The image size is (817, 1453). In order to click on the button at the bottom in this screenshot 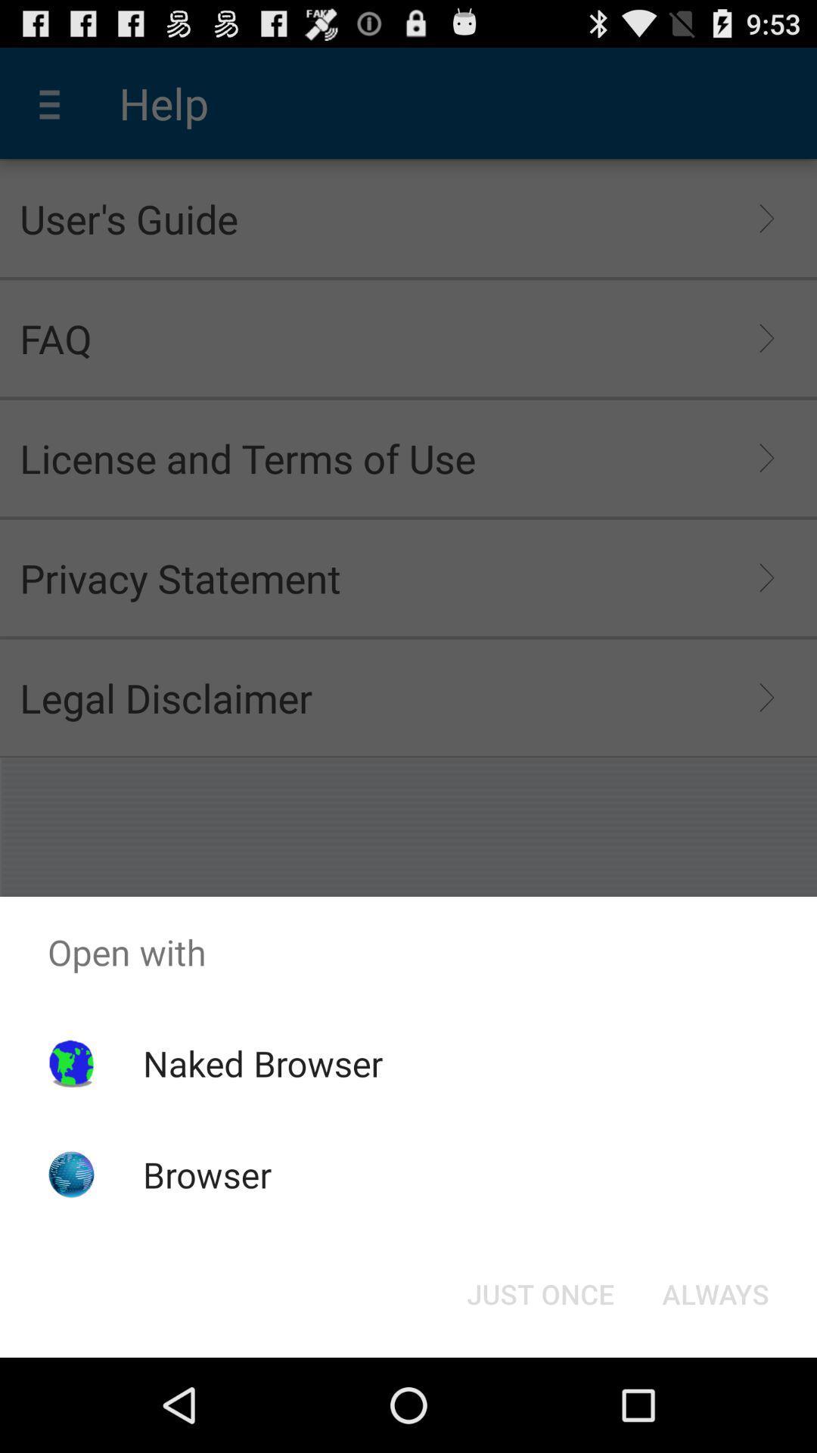, I will do `click(539, 1293)`.